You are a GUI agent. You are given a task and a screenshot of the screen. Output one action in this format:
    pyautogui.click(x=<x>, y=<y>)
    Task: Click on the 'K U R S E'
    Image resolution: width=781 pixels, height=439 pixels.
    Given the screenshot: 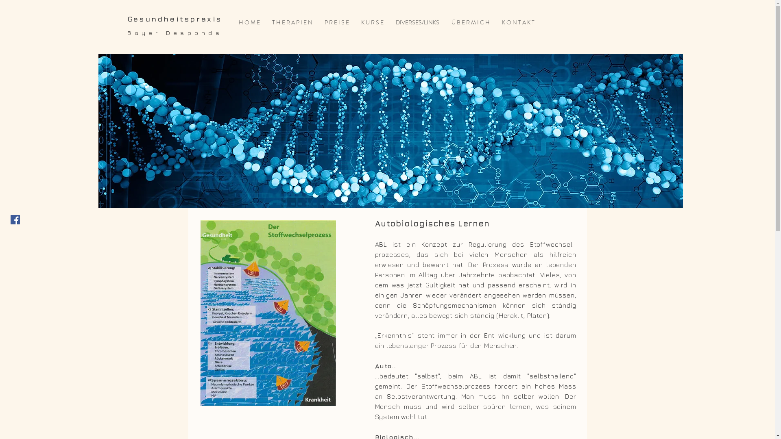 What is the action you would take?
    pyautogui.click(x=372, y=22)
    